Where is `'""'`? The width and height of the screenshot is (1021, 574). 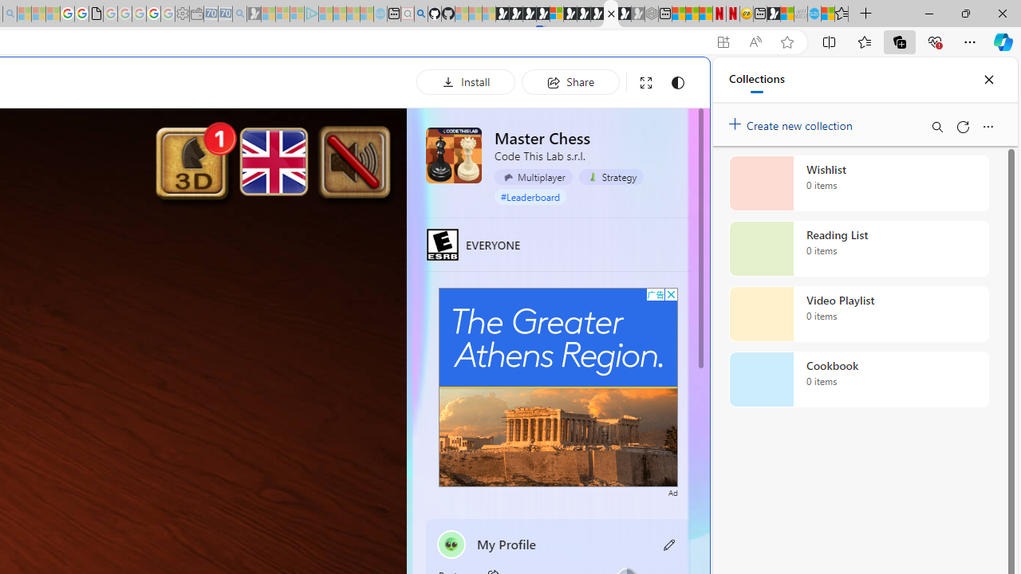
'""' is located at coordinates (450, 543).